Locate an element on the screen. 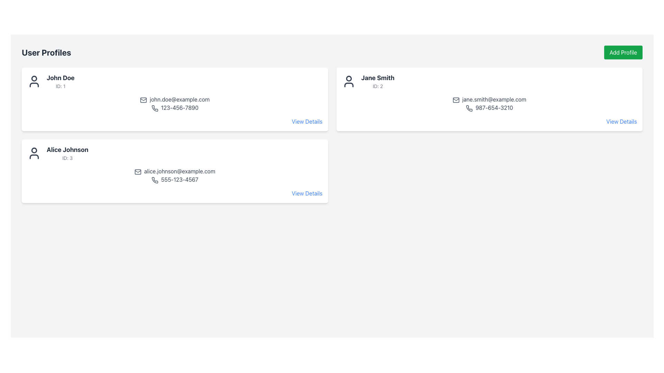 Image resolution: width=664 pixels, height=373 pixels. the phone icon representing a traditional telephone receiver, located in John Doe's user profile card, to the left of the phone number '123-456-7890' is located at coordinates (154, 108).